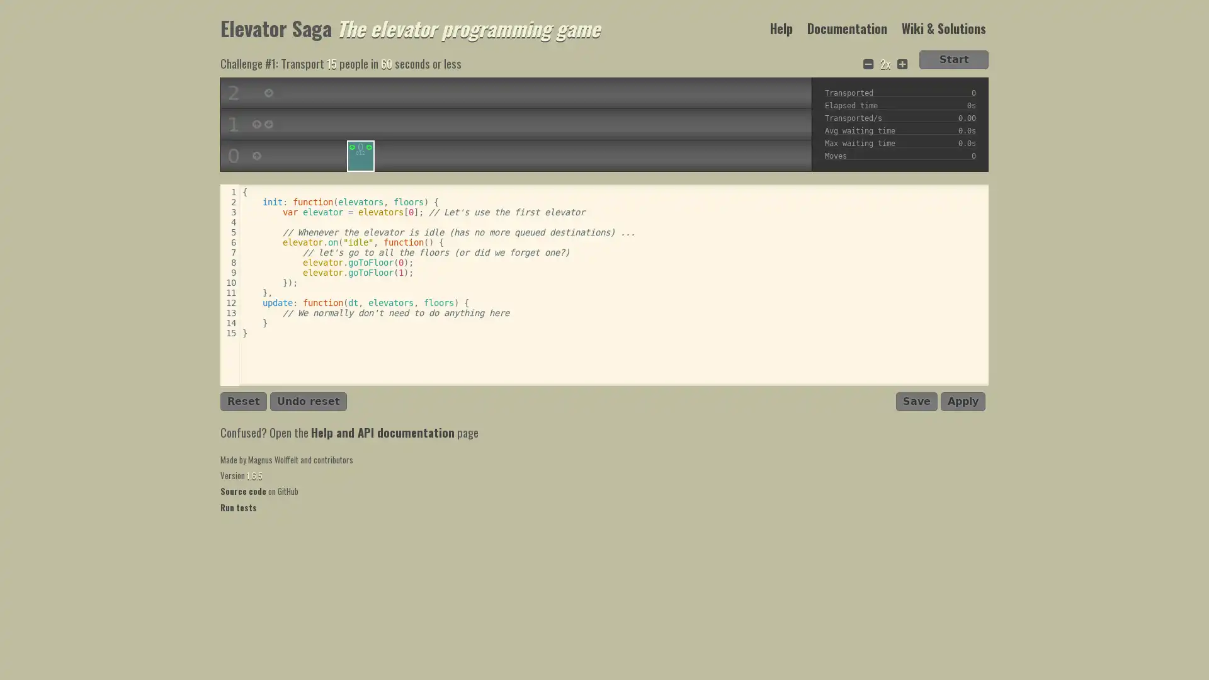 The width and height of the screenshot is (1209, 680). I want to click on Apply, so click(962, 401).